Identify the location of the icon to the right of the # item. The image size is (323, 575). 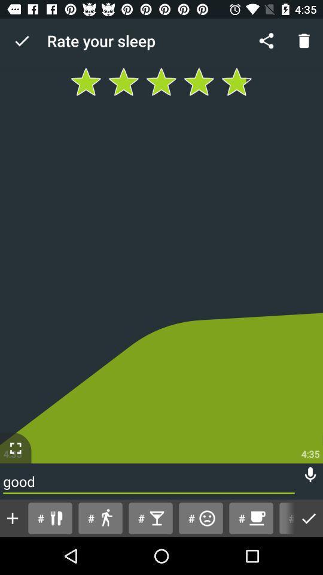
(309, 517).